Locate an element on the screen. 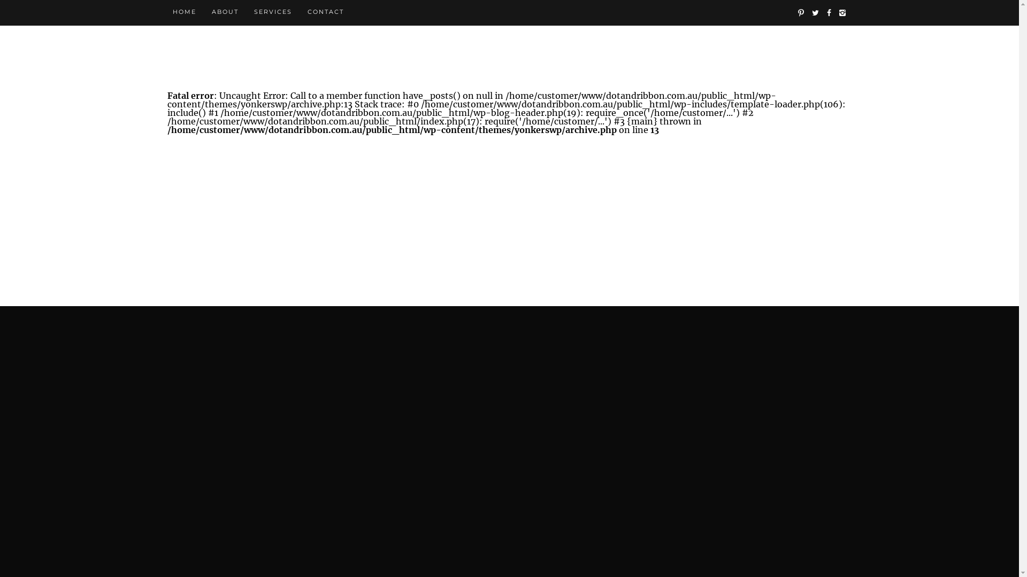 Image resolution: width=1027 pixels, height=577 pixels. 'SERVICES' is located at coordinates (272, 12).